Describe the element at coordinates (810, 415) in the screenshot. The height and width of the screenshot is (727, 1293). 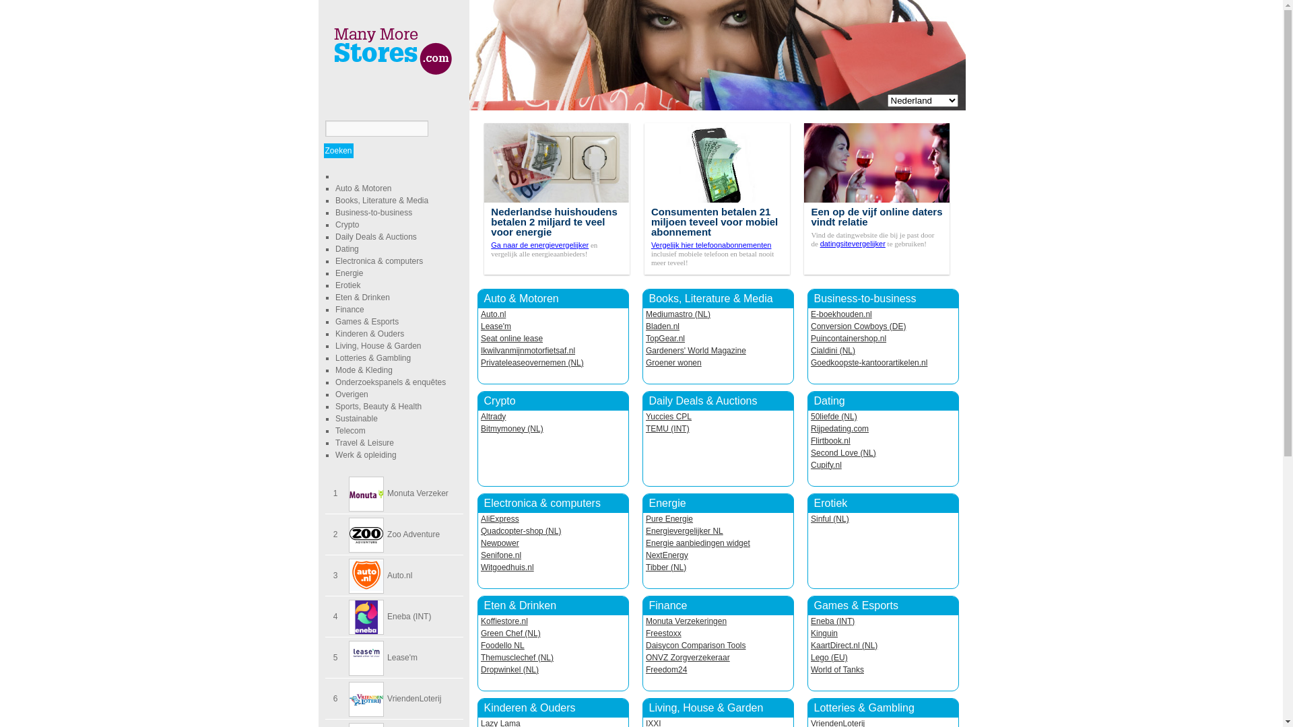
I see `'50liefde (NL)'` at that location.